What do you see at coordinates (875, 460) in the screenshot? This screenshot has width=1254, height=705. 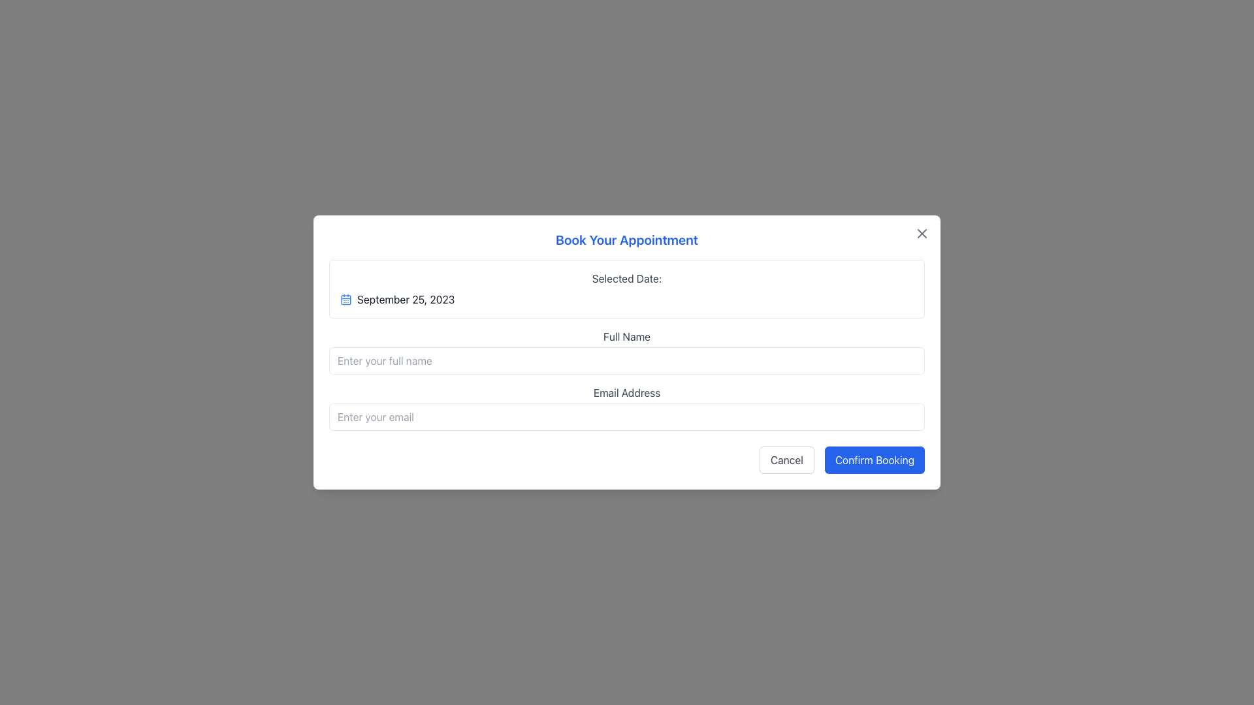 I see `the 'Confirm Booking' button, which is a rectangular button with rounded corners, styled with a blue background and white text, located at the bottom-right corner of the modal dialog box` at bounding box center [875, 460].